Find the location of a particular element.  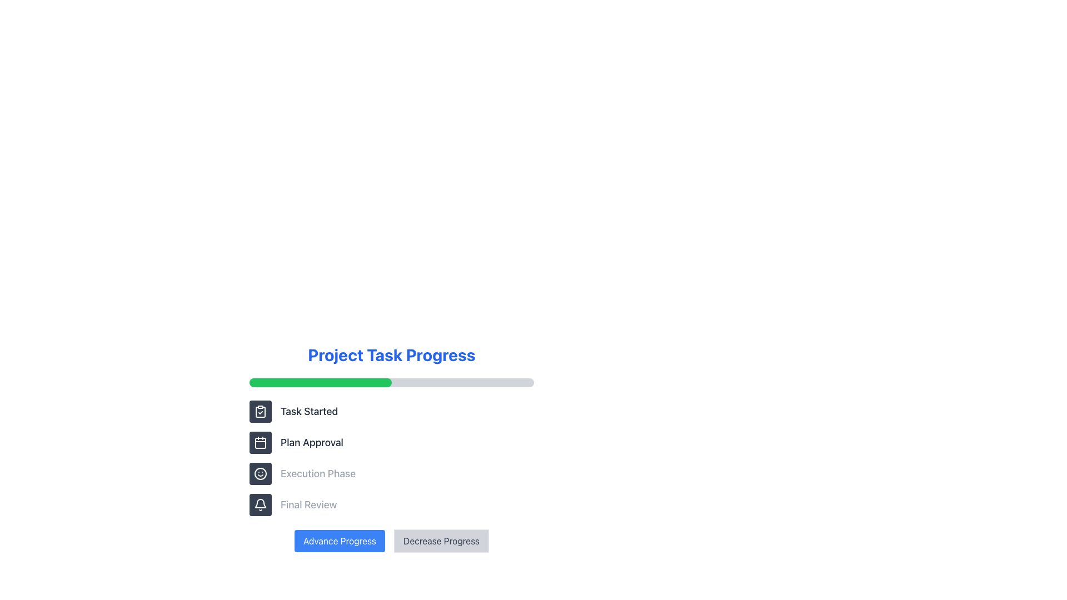

the calendar icon, which is part of the task stages menu adjacent to the 'Plan Approval' label is located at coordinates (260, 442).